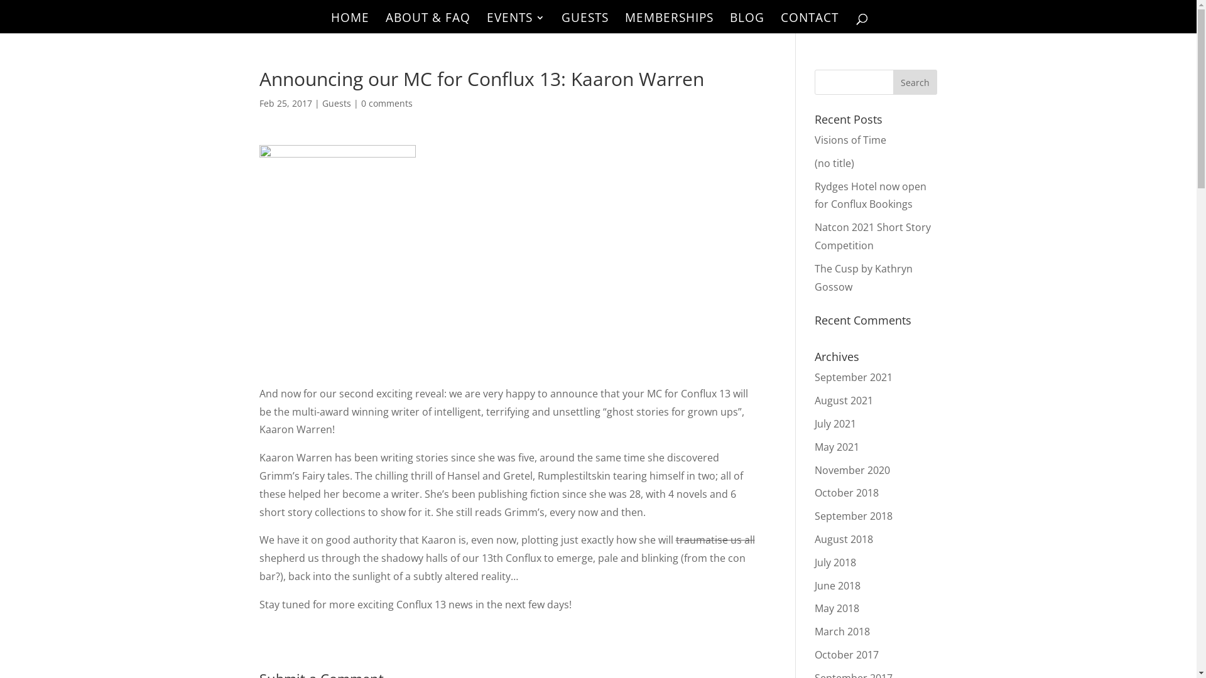 The width and height of the screenshot is (1206, 678). Describe the element at coordinates (747, 23) in the screenshot. I see `'BLOG'` at that location.